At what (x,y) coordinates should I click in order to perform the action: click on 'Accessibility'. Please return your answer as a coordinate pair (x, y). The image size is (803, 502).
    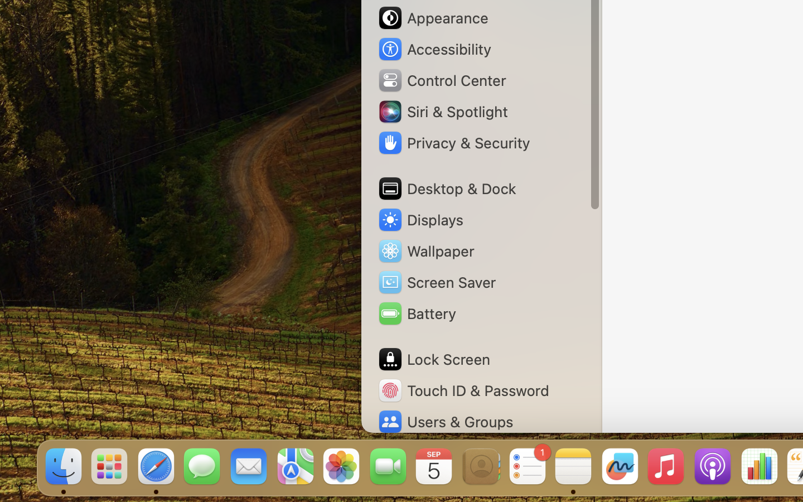
    Looking at the image, I should click on (434, 49).